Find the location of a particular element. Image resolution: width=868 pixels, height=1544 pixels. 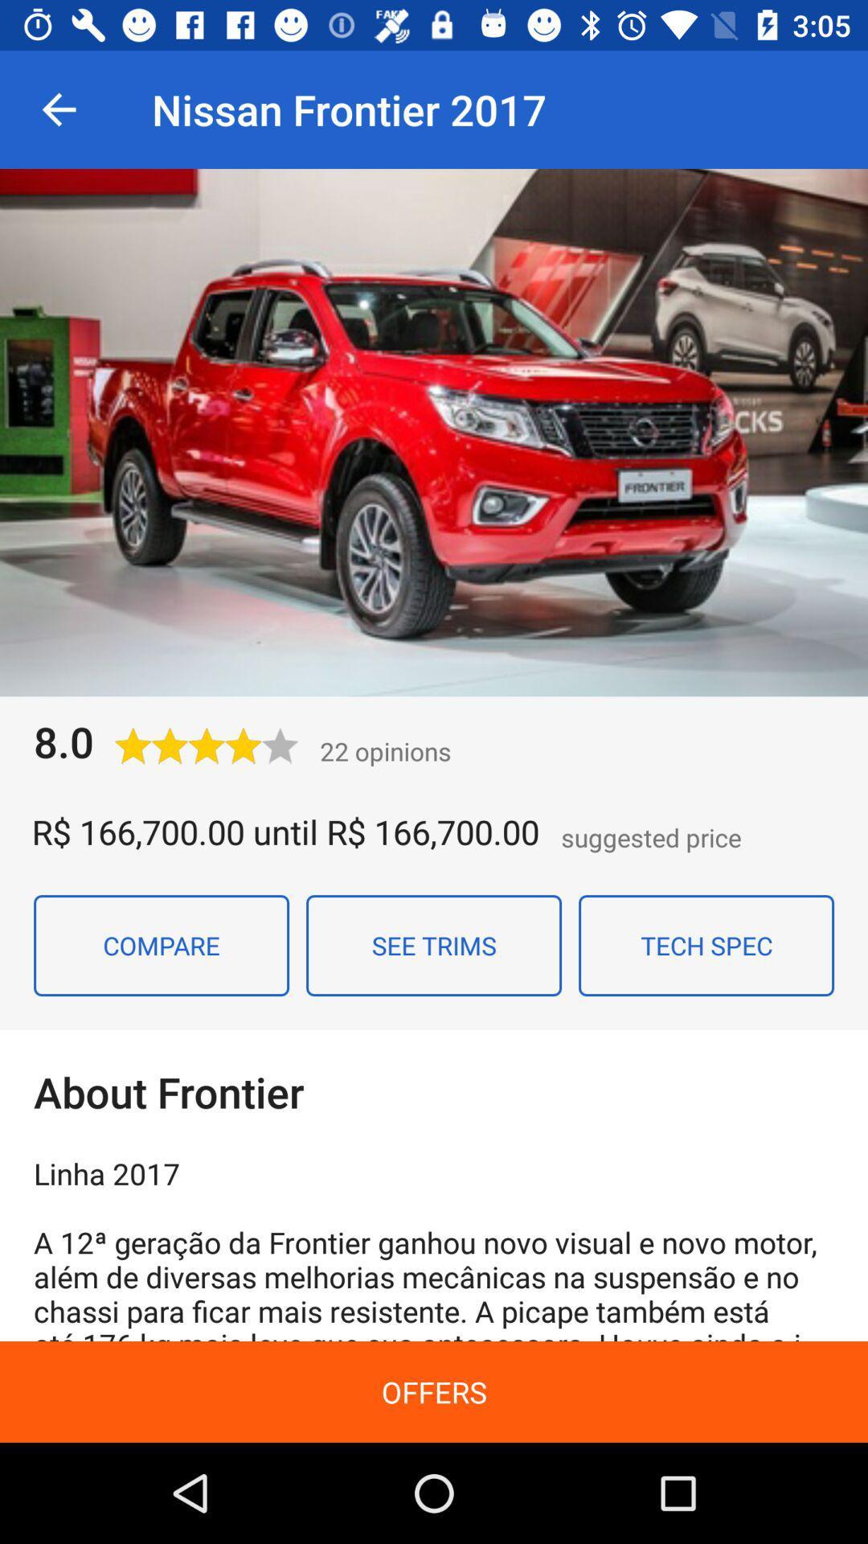

offers icon is located at coordinates (434, 1391).